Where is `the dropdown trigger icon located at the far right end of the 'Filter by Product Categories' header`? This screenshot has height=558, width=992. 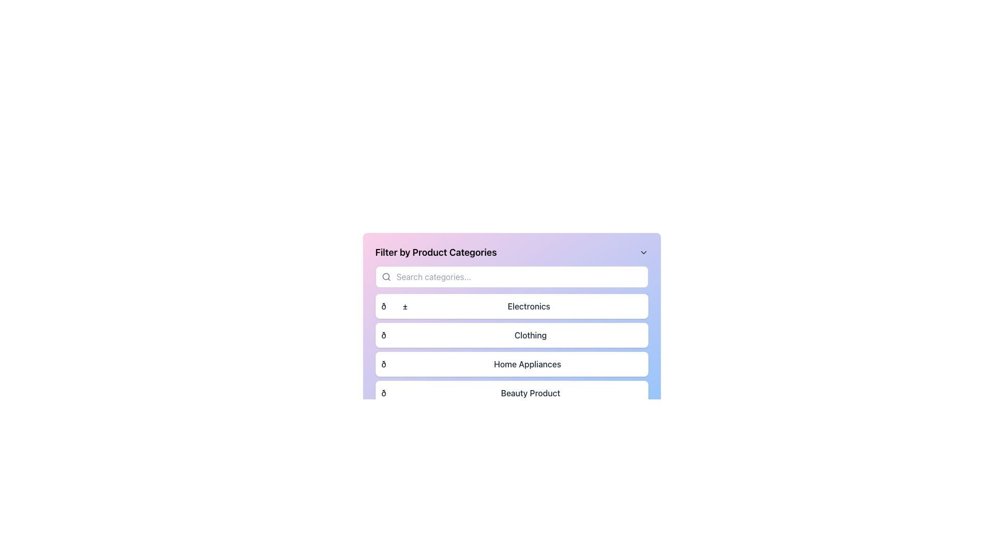 the dropdown trigger icon located at the far right end of the 'Filter by Product Categories' header is located at coordinates (643, 253).